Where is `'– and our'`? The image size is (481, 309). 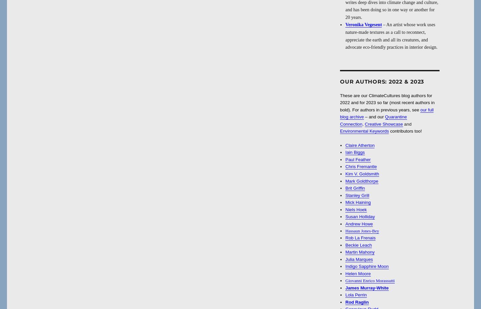
'– and our' is located at coordinates (363, 116).